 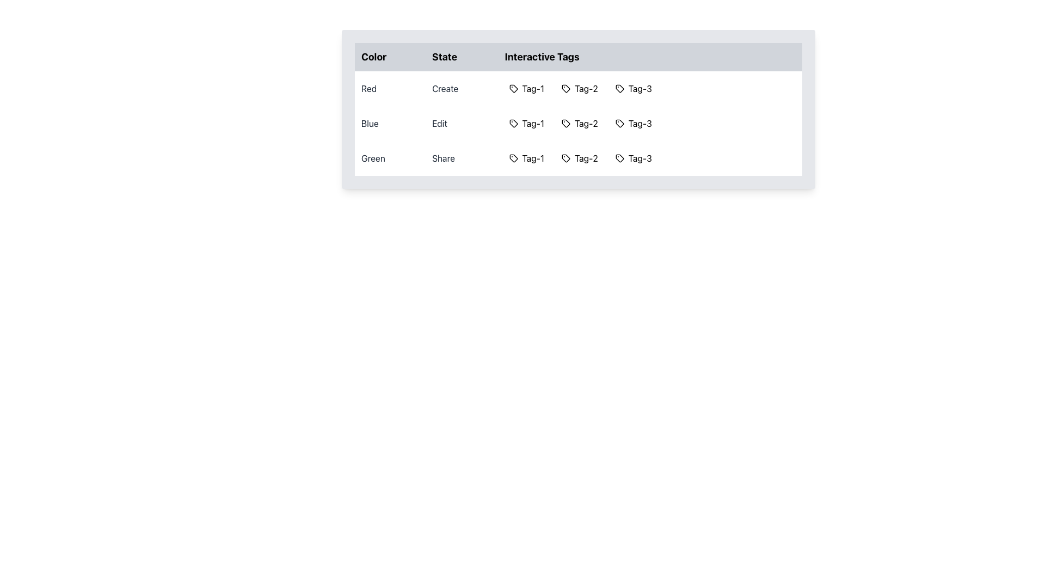 I want to click on the 'Red' color option icon in the 'Interactive Tags' column of the first row, which signifies a creation action, so click(x=513, y=88).